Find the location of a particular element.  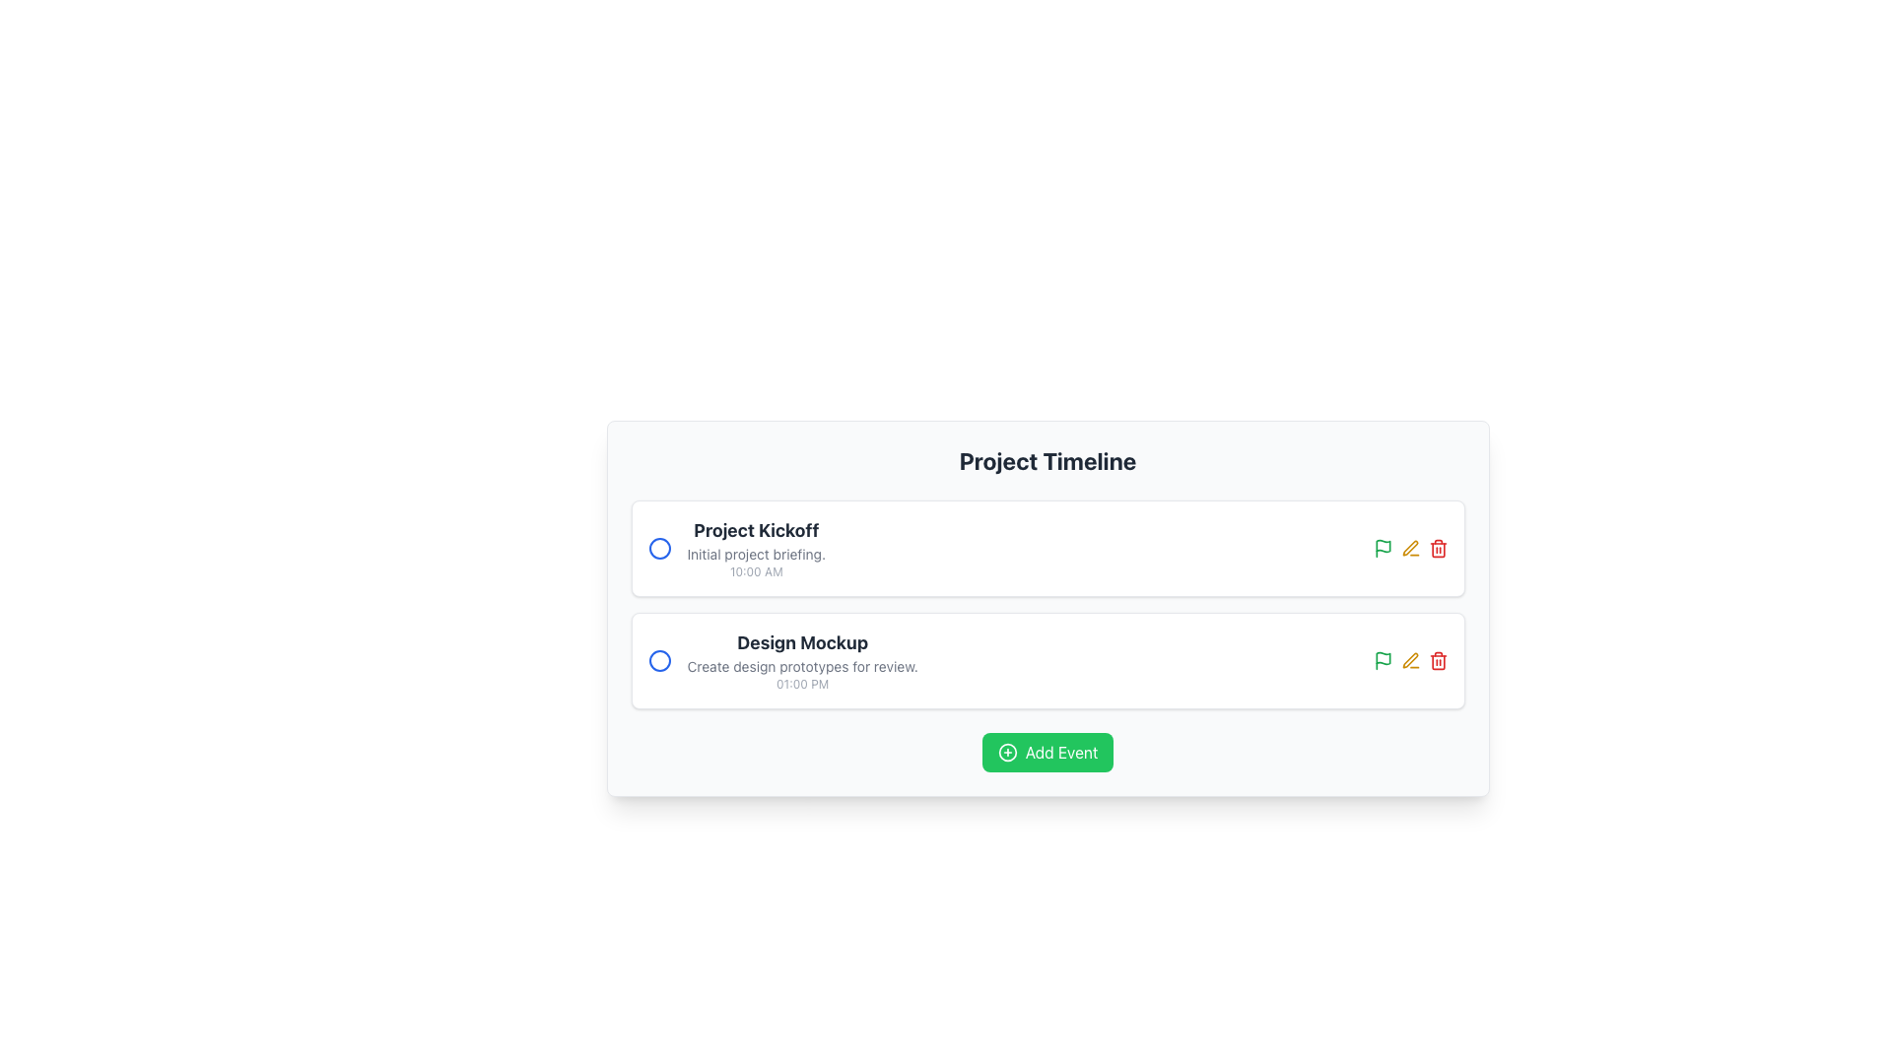

the red trash can icon located at the far-right side of the horizontal row of icons is located at coordinates (1438, 548).